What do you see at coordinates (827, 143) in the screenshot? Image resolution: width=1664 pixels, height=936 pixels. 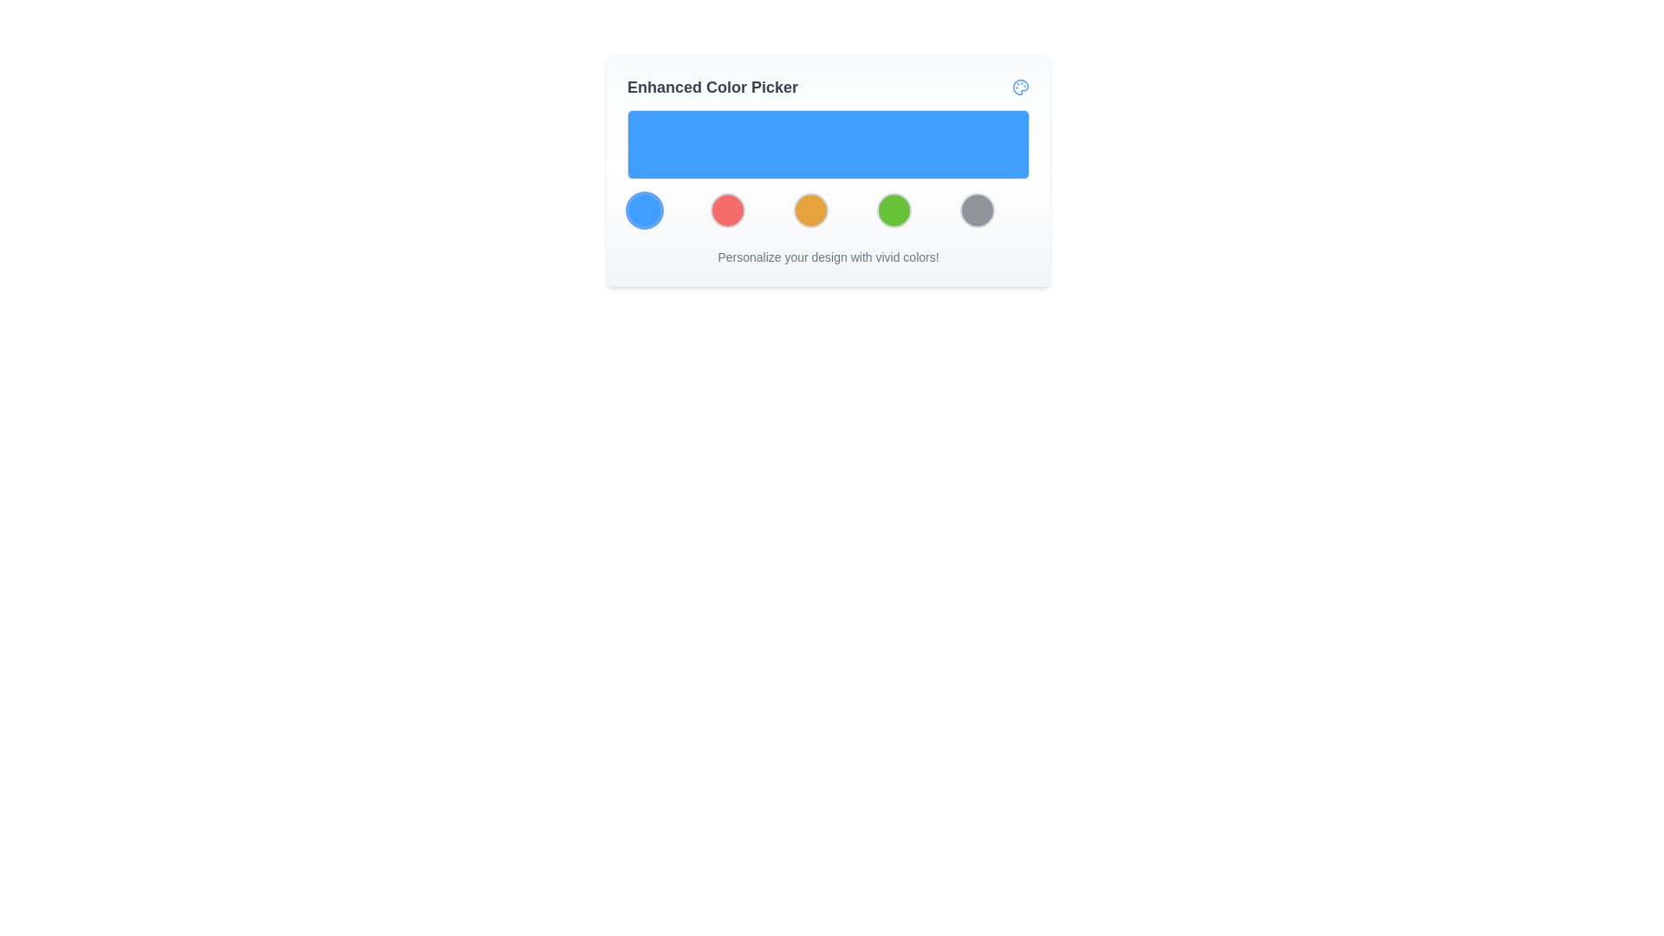 I see `the display box that indicates the currently active color, positioned centrally above the grid of color swatches` at bounding box center [827, 143].